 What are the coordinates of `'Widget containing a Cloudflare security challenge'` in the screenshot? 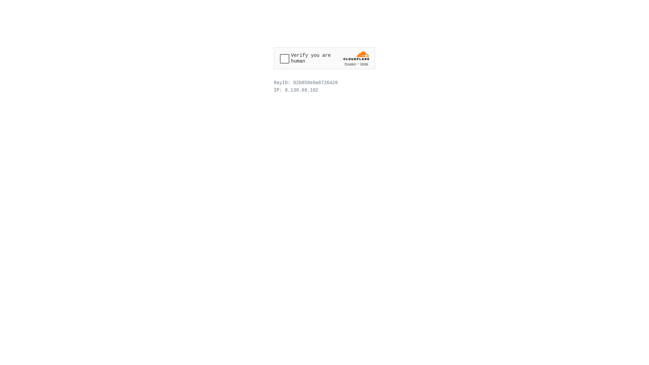 It's located at (324, 58).